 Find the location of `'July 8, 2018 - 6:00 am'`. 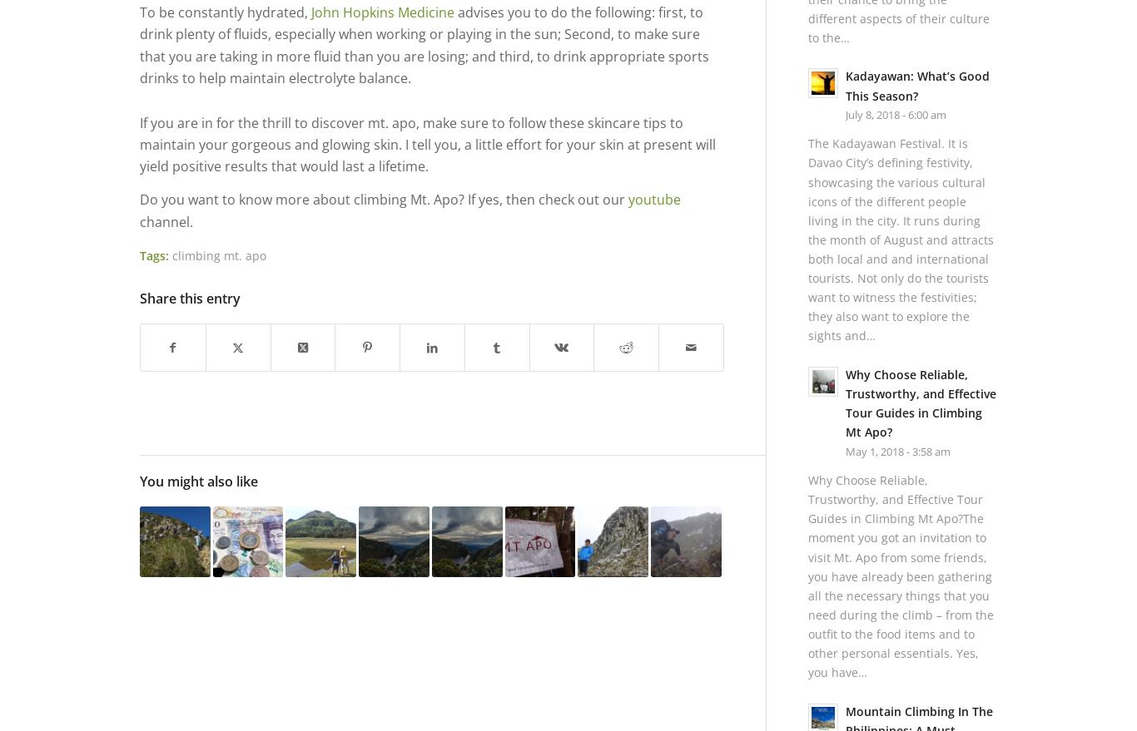

'July 8, 2018 - 6:00 am' is located at coordinates (894, 114).